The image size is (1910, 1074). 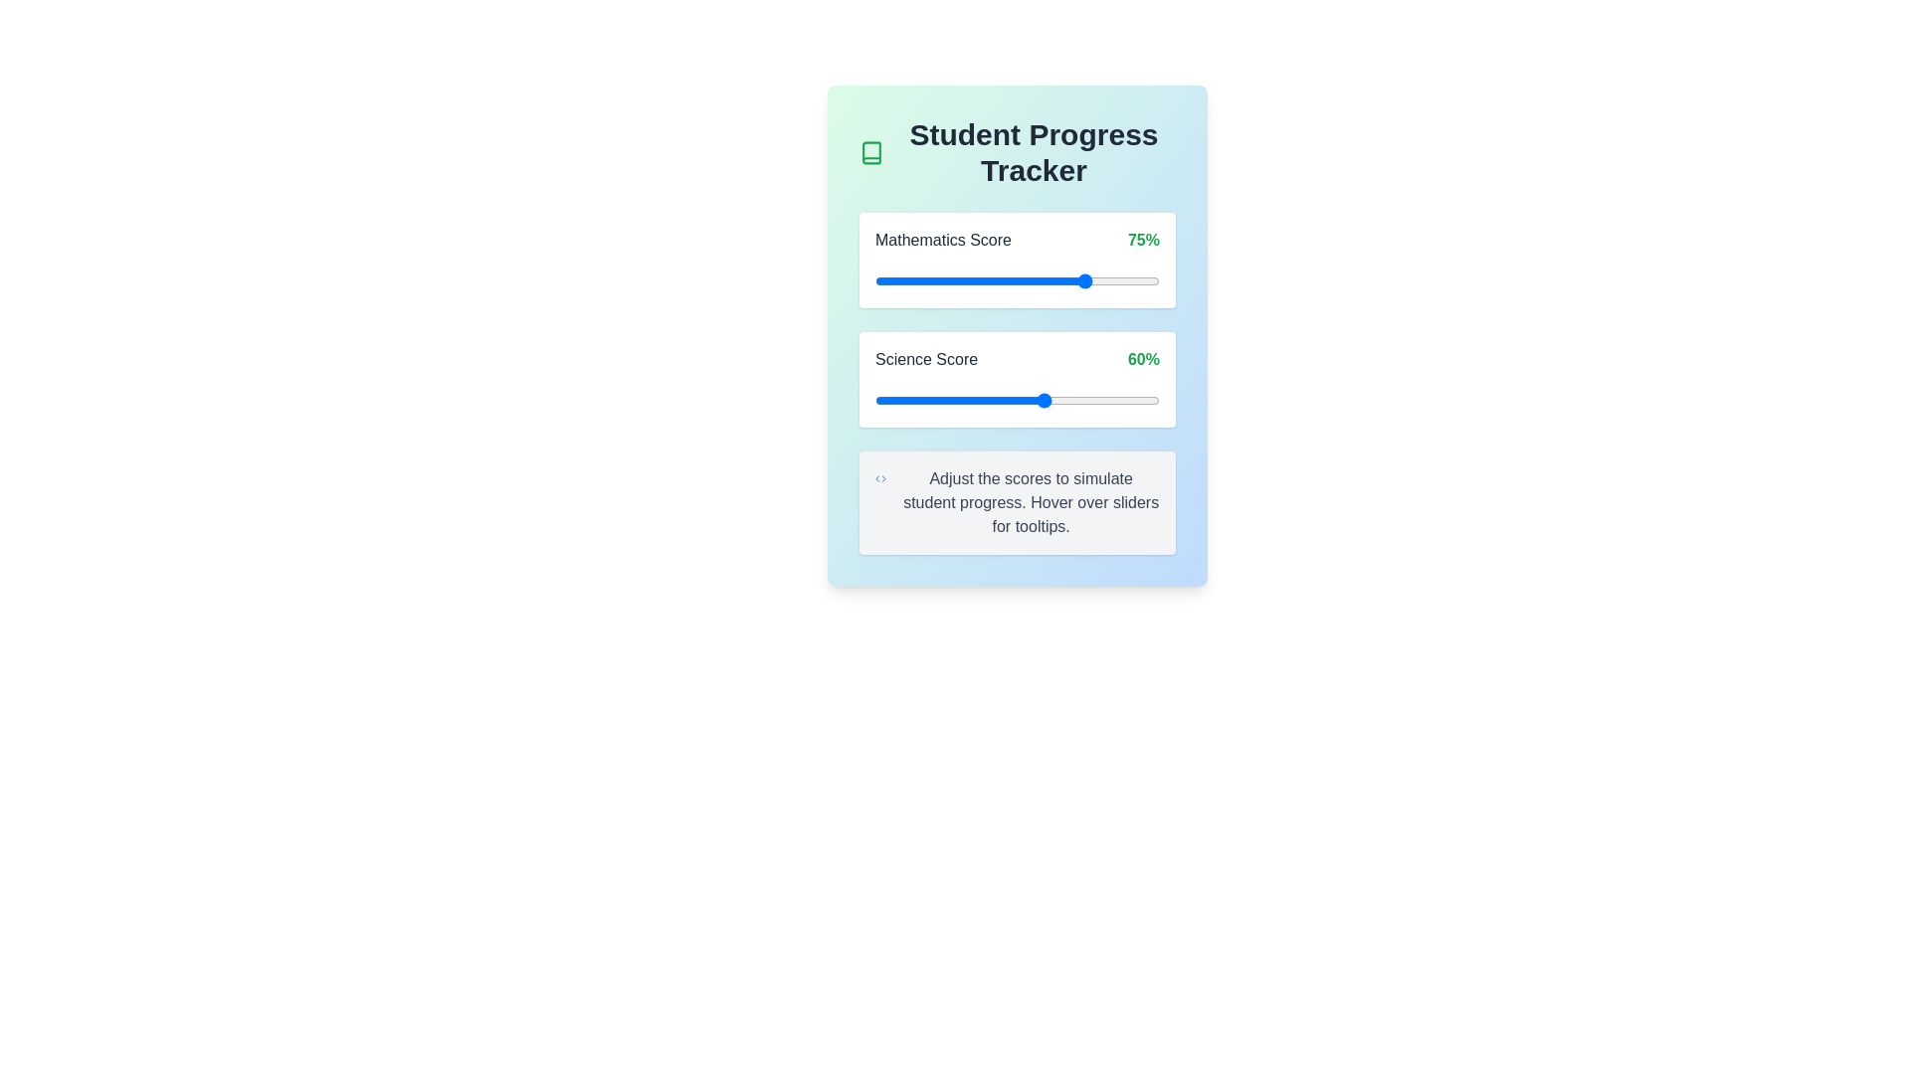 I want to click on the Science Score slider to 52%, so click(x=1023, y=400).